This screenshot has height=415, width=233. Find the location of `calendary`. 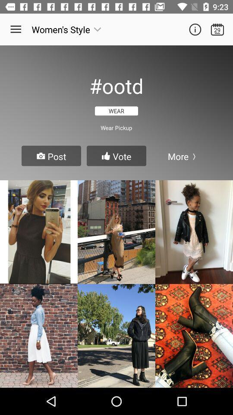

calendary is located at coordinates (217, 29).